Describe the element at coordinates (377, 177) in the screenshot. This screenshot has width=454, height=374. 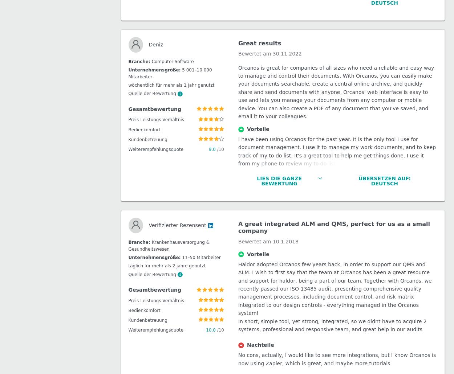
I see `'Österreich (Deutsch)'` at that location.